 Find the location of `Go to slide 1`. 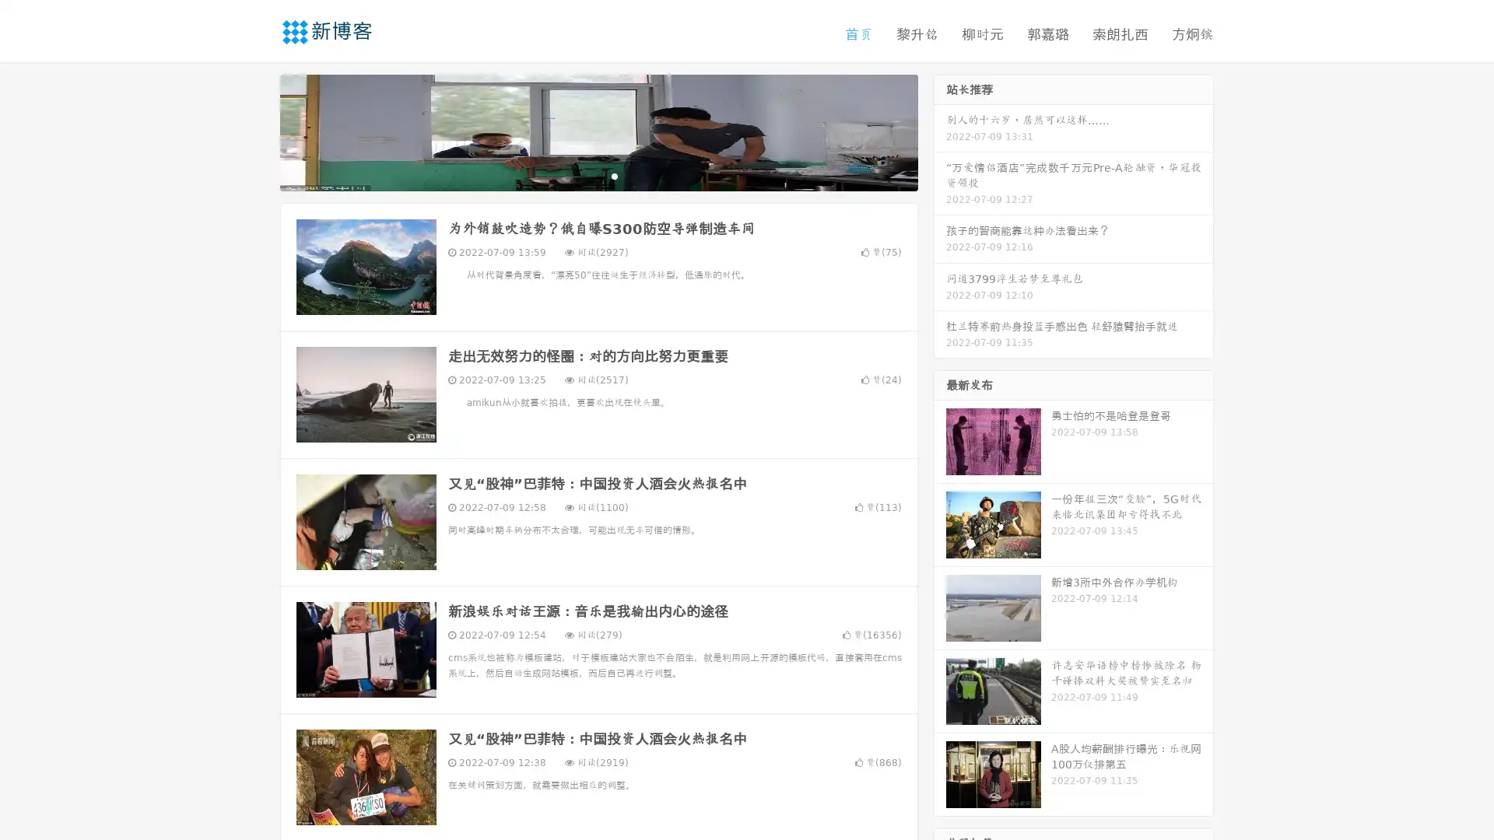

Go to slide 1 is located at coordinates (582, 175).